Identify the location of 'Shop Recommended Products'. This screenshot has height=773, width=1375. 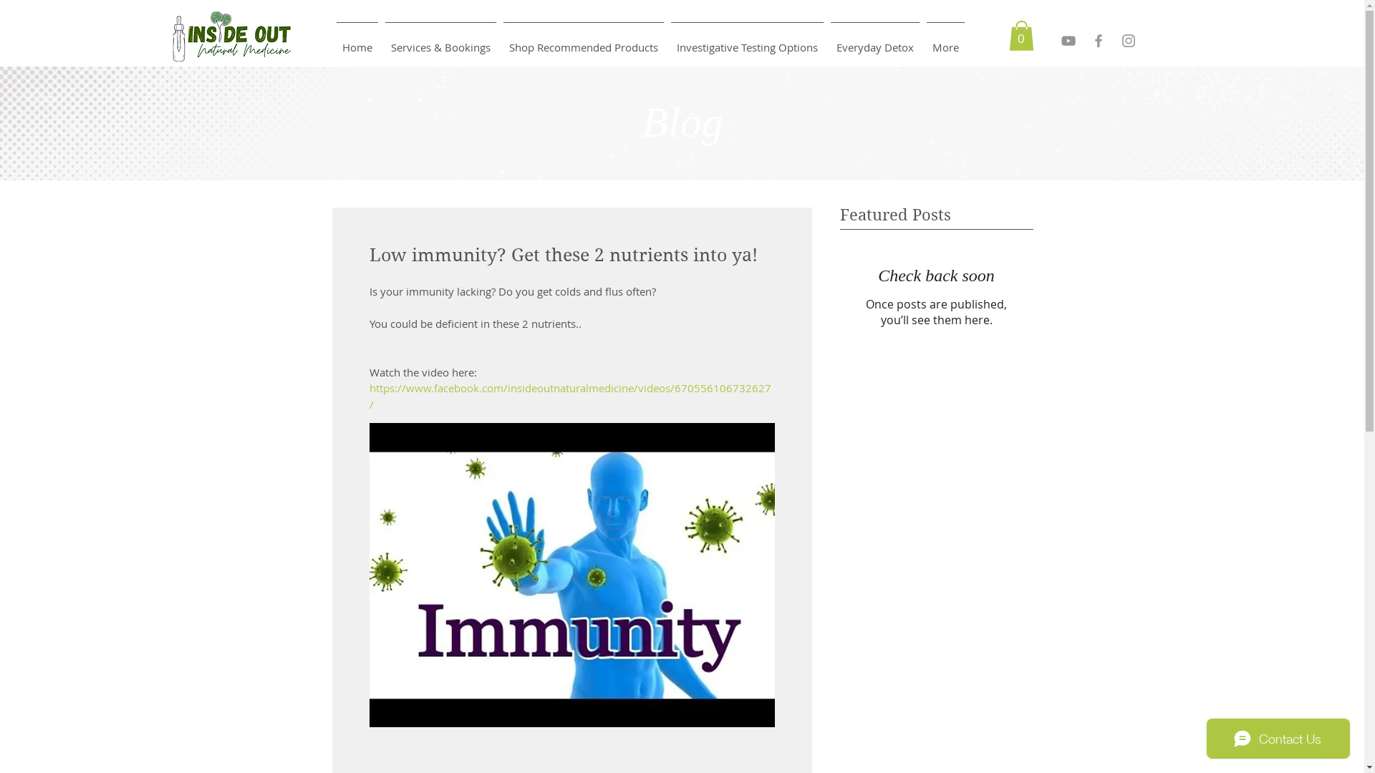
(584, 40).